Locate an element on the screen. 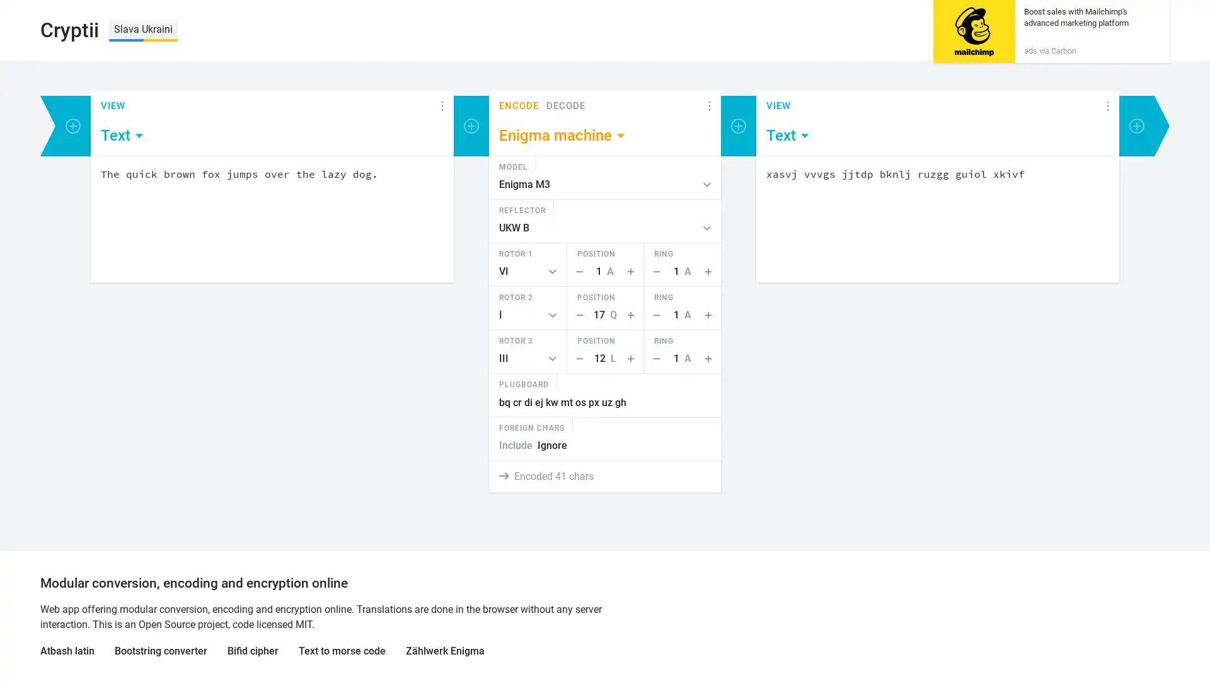  Add encoder or viewer is located at coordinates (471, 126).